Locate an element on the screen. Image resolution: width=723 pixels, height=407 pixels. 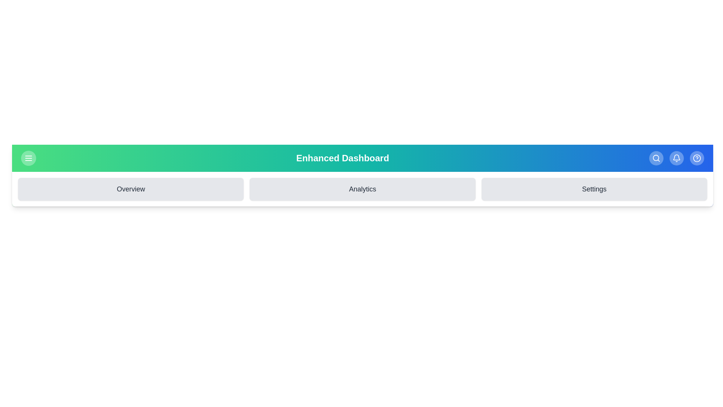
the 'Settings' section to navigate to it is located at coordinates (594, 188).